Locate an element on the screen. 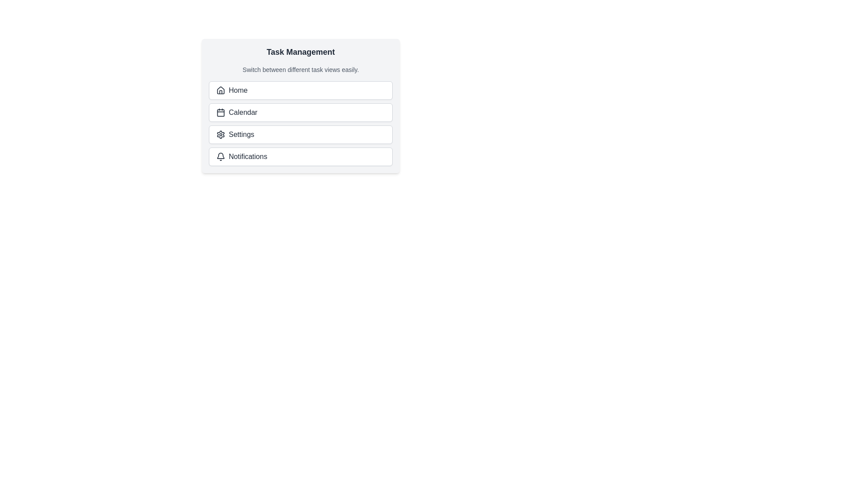  the calendar navigation button is located at coordinates (301, 105).